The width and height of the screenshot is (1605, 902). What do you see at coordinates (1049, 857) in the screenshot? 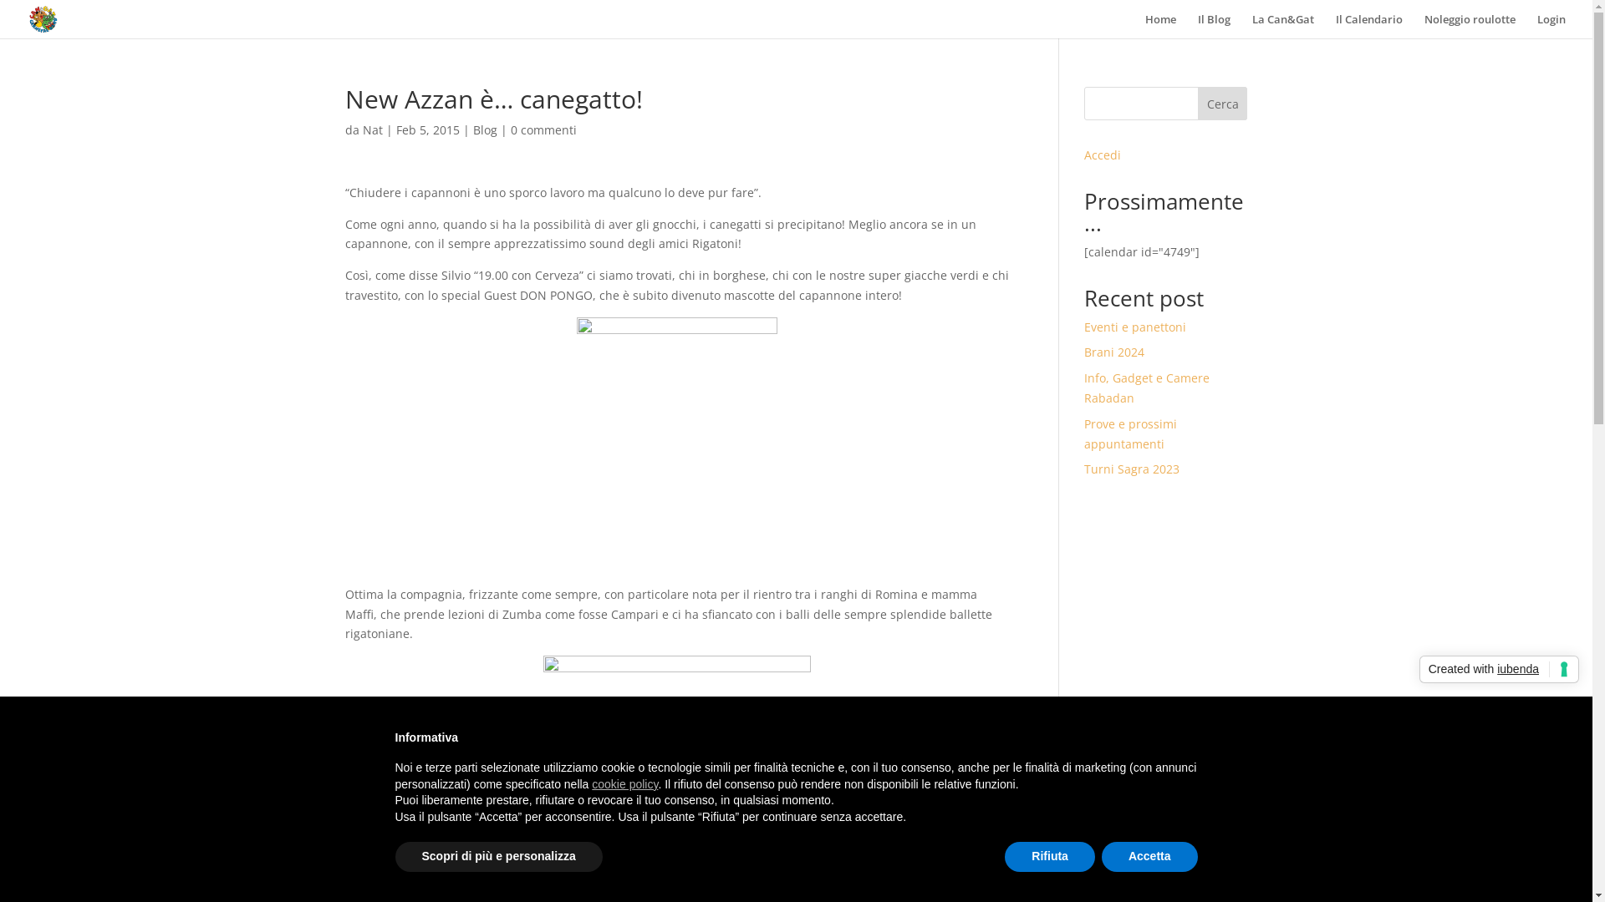
I see `'Rifiuta'` at bounding box center [1049, 857].